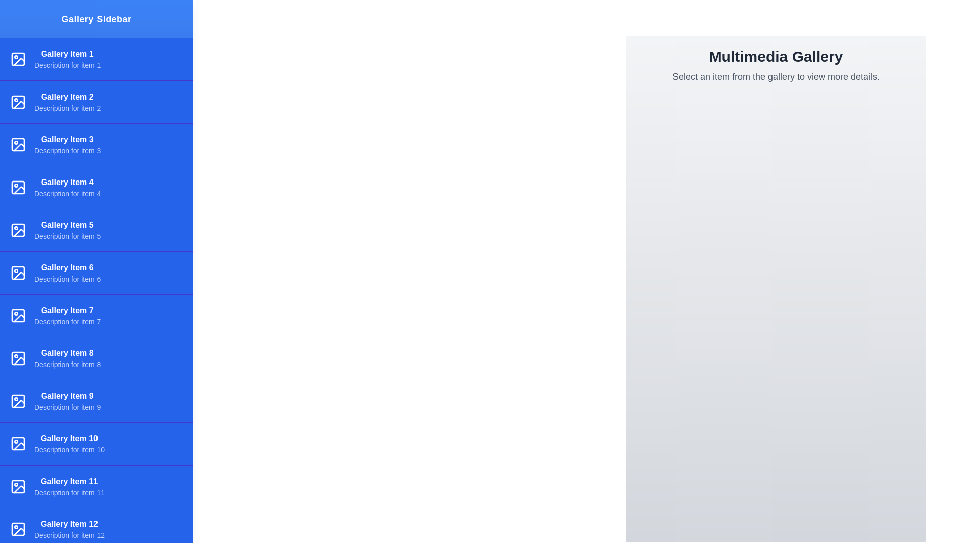  I want to click on the toggle button to toggle the drawer's visibility, so click(21, 21).